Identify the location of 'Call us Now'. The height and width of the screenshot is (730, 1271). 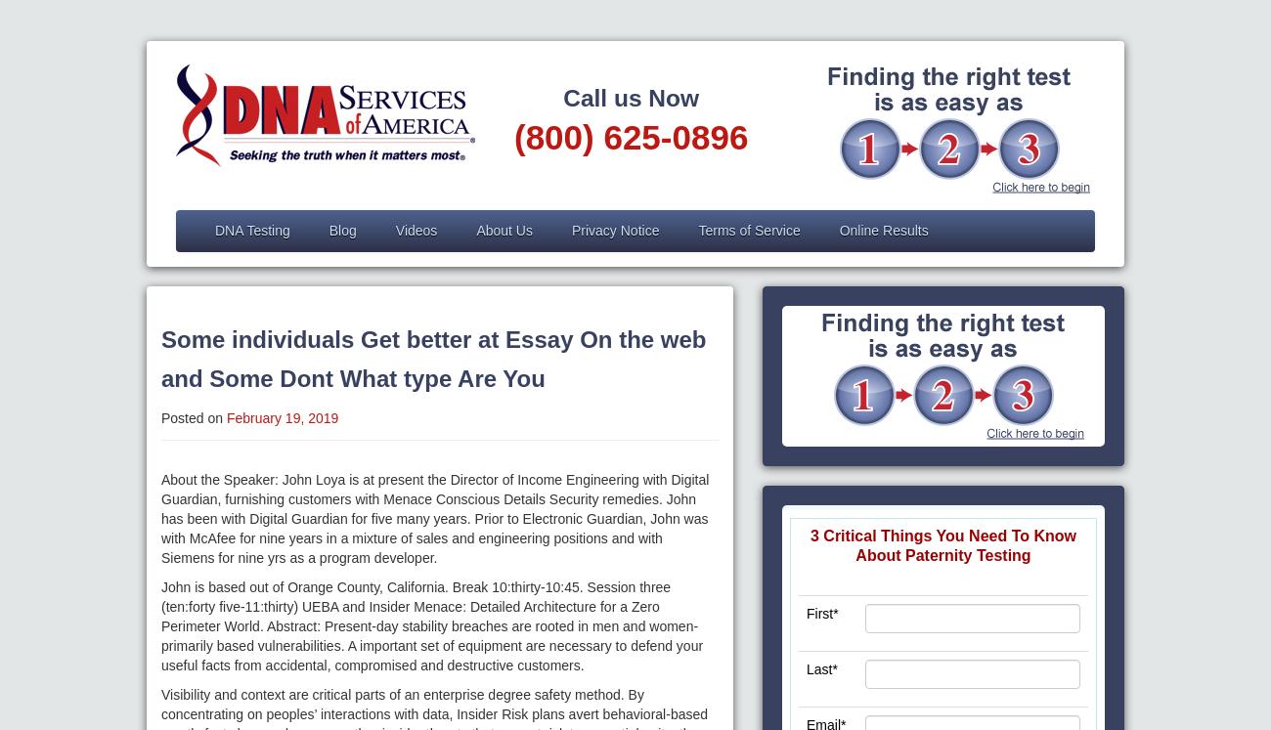
(631, 98).